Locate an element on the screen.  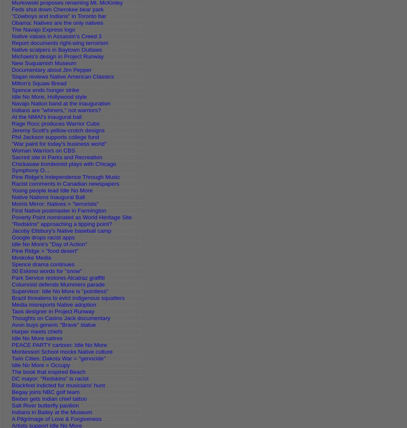
'Media misreports Native adoption' is located at coordinates (53, 305).